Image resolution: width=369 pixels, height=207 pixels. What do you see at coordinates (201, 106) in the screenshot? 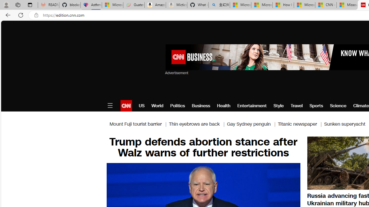
I see `'Business'` at bounding box center [201, 106].